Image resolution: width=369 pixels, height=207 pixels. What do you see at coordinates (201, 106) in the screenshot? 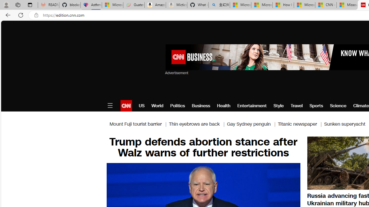
I see `'Business'` at bounding box center [201, 106].